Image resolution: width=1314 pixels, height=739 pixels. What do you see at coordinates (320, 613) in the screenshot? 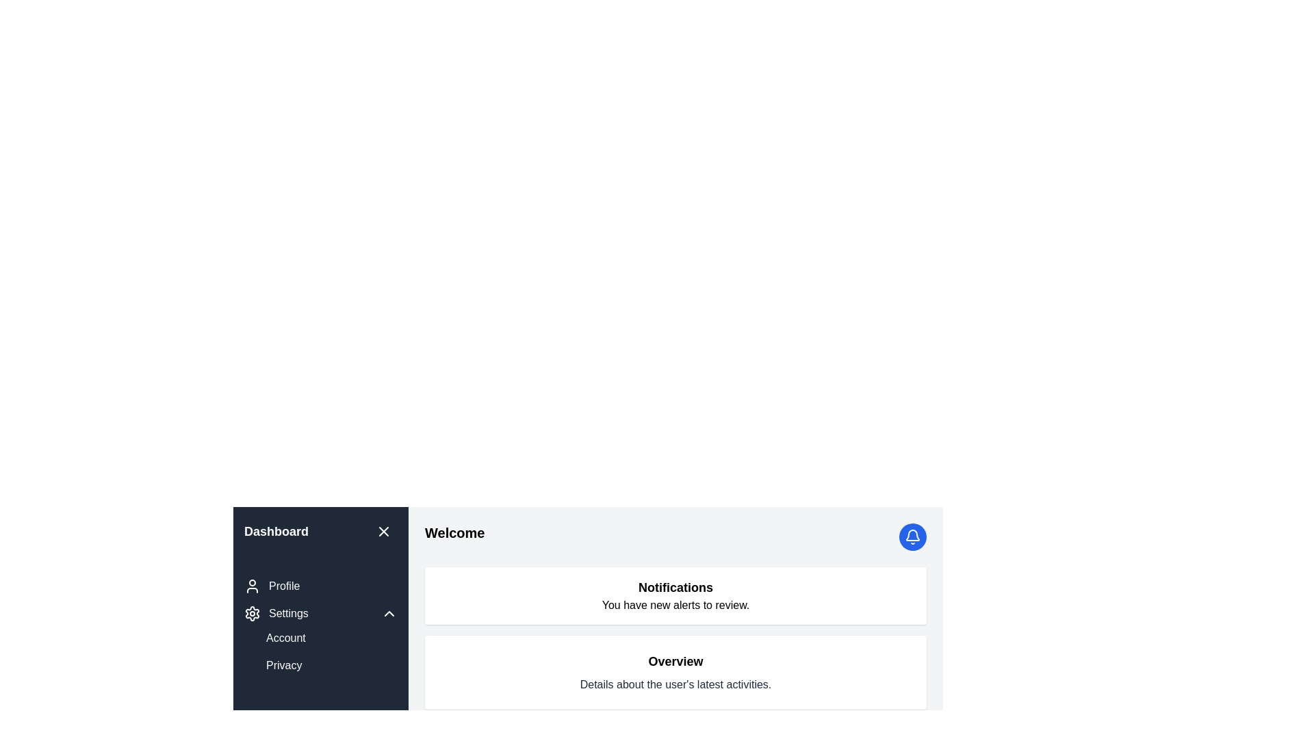
I see `the 'Settings' button in the menu` at bounding box center [320, 613].